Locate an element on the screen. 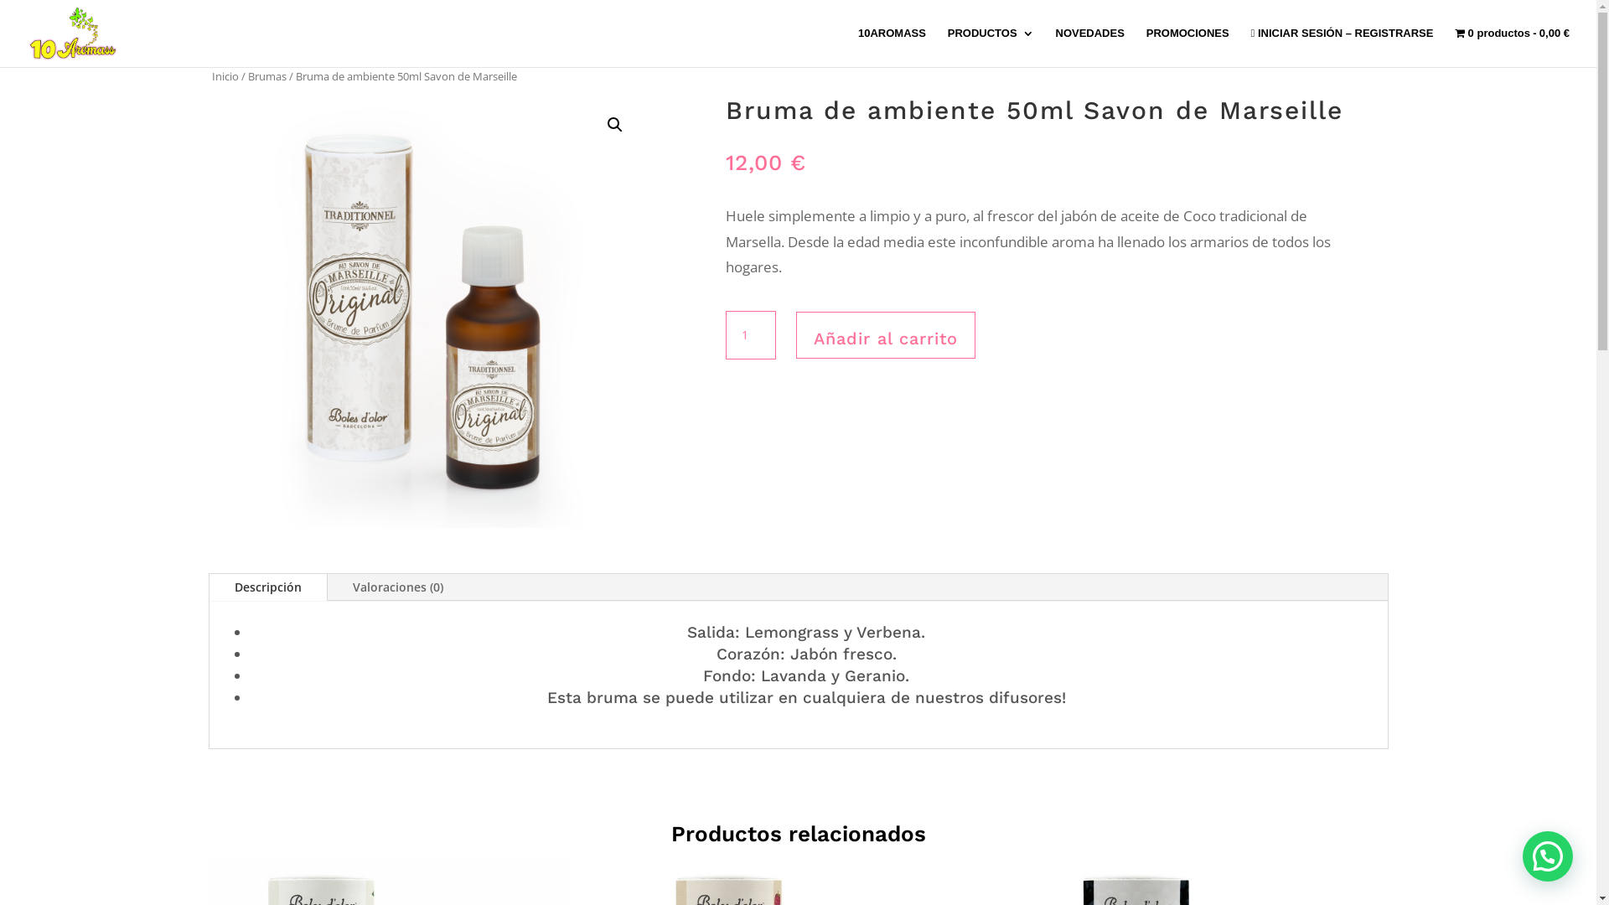 The width and height of the screenshot is (1609, 905). 'Valoraciones (0)' is located at coordinates (396, 587).